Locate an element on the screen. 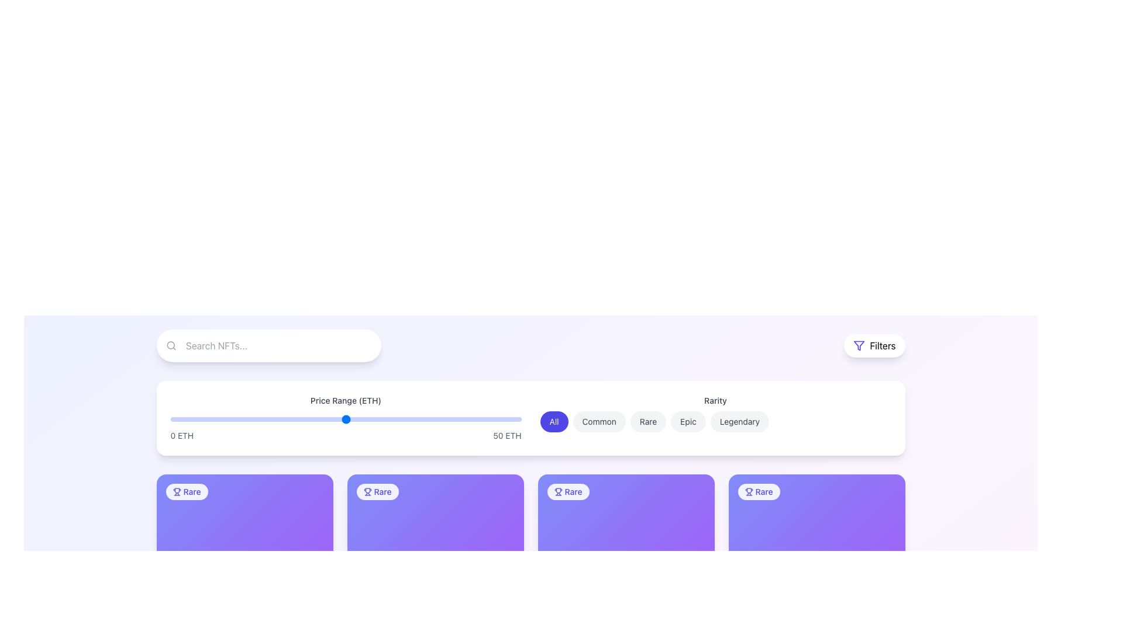 Image resolution: width=1123 pixels, height=631 pixels. the price range slider is located at coordinates (412, 418).